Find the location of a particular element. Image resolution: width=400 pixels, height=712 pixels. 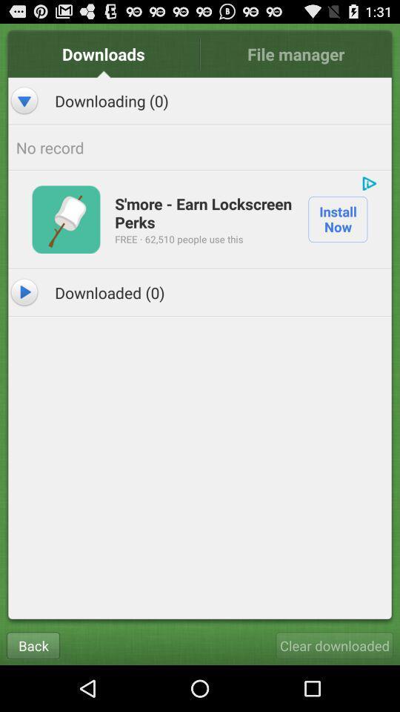

icon next to install now app is located at coordinates (203, 211).